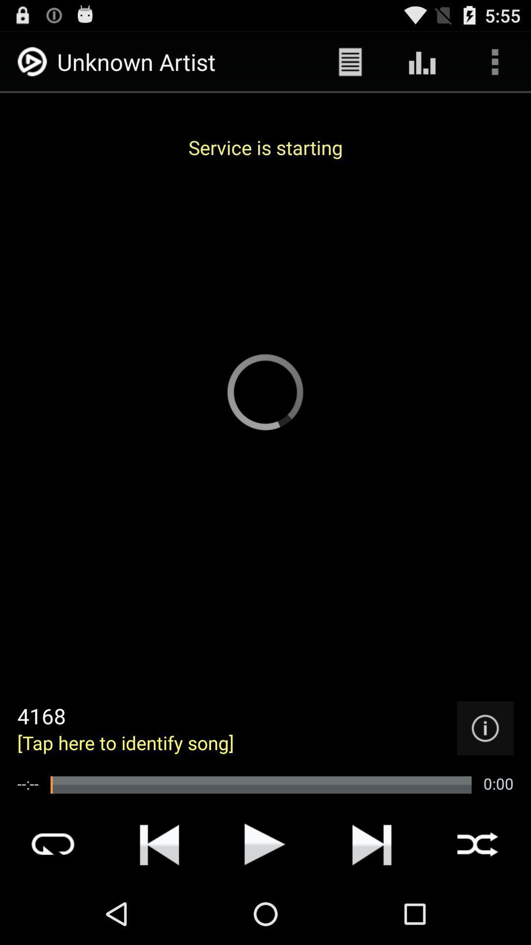 The width and height of the screenshot is (531, 945). Describe the element at coordinates (485, 728) in the screenshot. I see `the item below the service is starting icon` at that location.